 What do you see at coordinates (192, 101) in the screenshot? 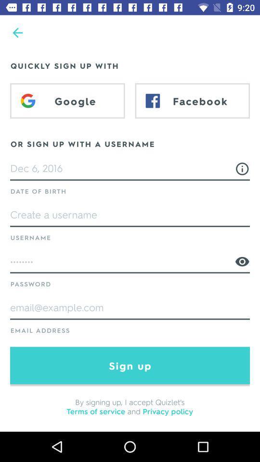
I see `item next to the google item` at bounding box center [192, 101].